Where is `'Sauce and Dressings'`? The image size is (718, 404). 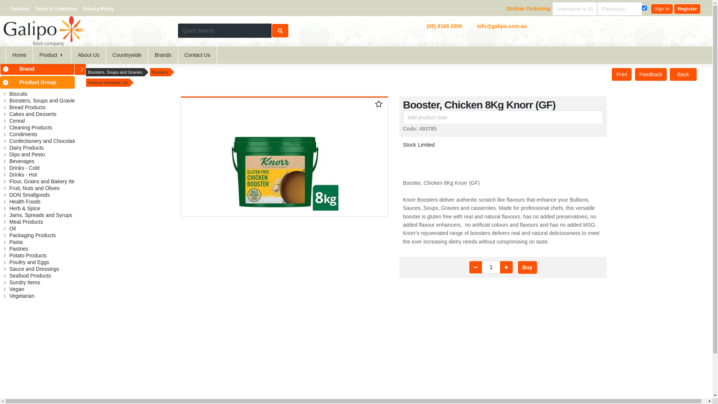
'Sauce and Dressings' is located at coordinates (34, 268).